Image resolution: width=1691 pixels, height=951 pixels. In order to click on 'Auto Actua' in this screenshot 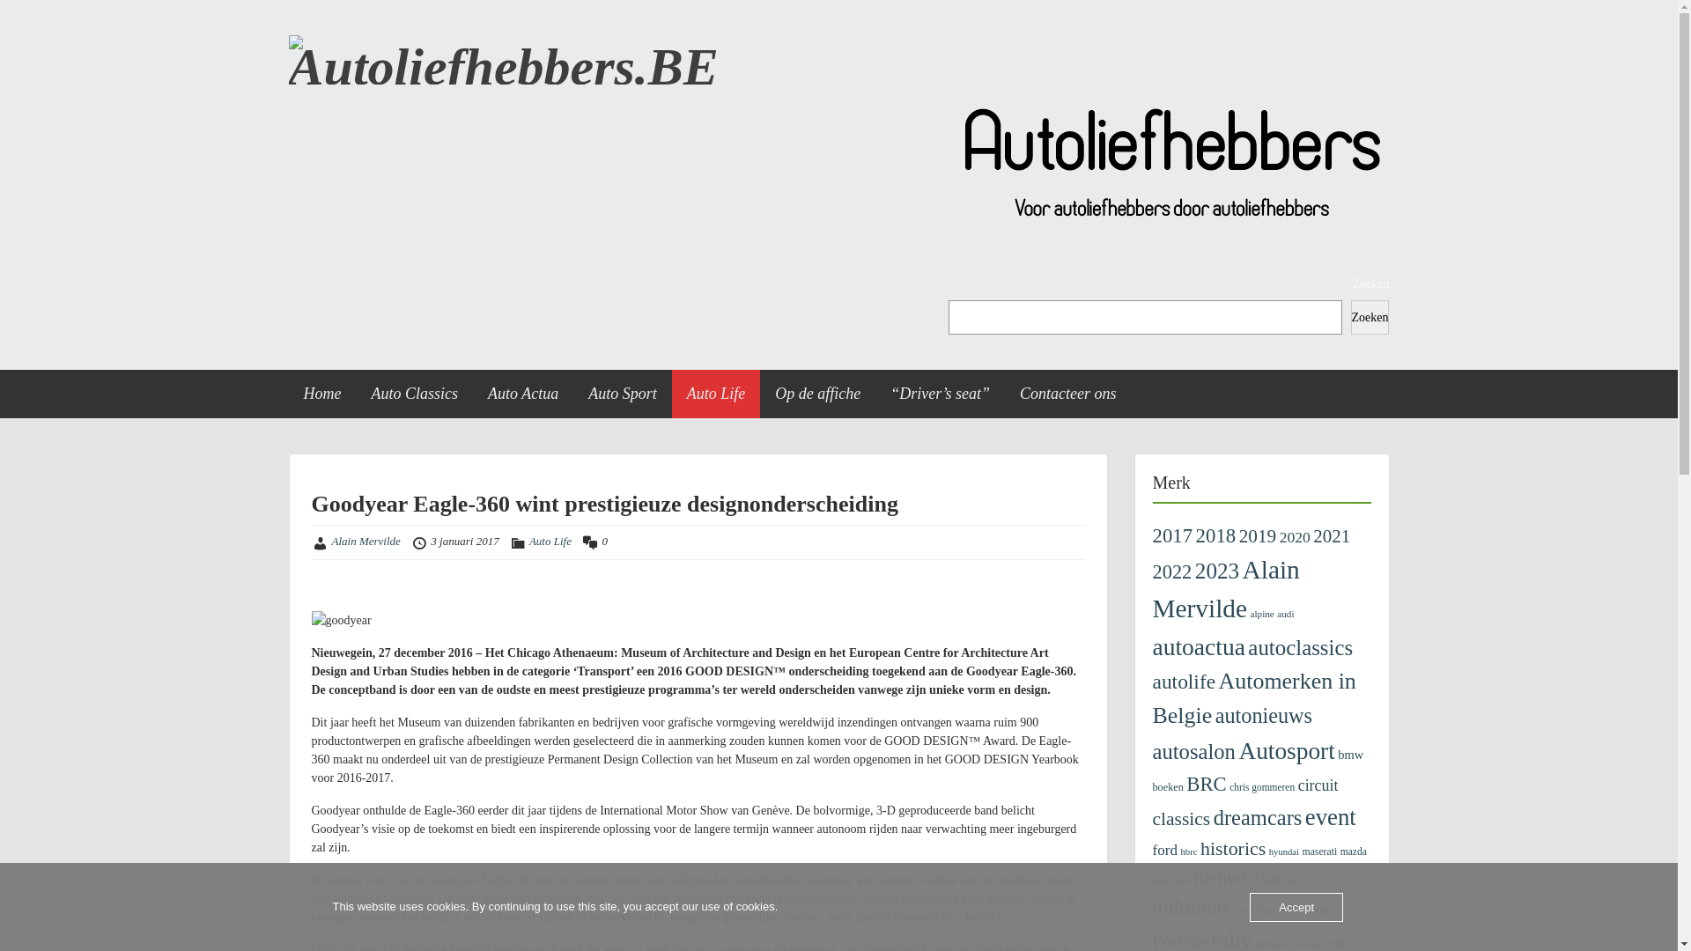, I will do `click(522, 393)`.